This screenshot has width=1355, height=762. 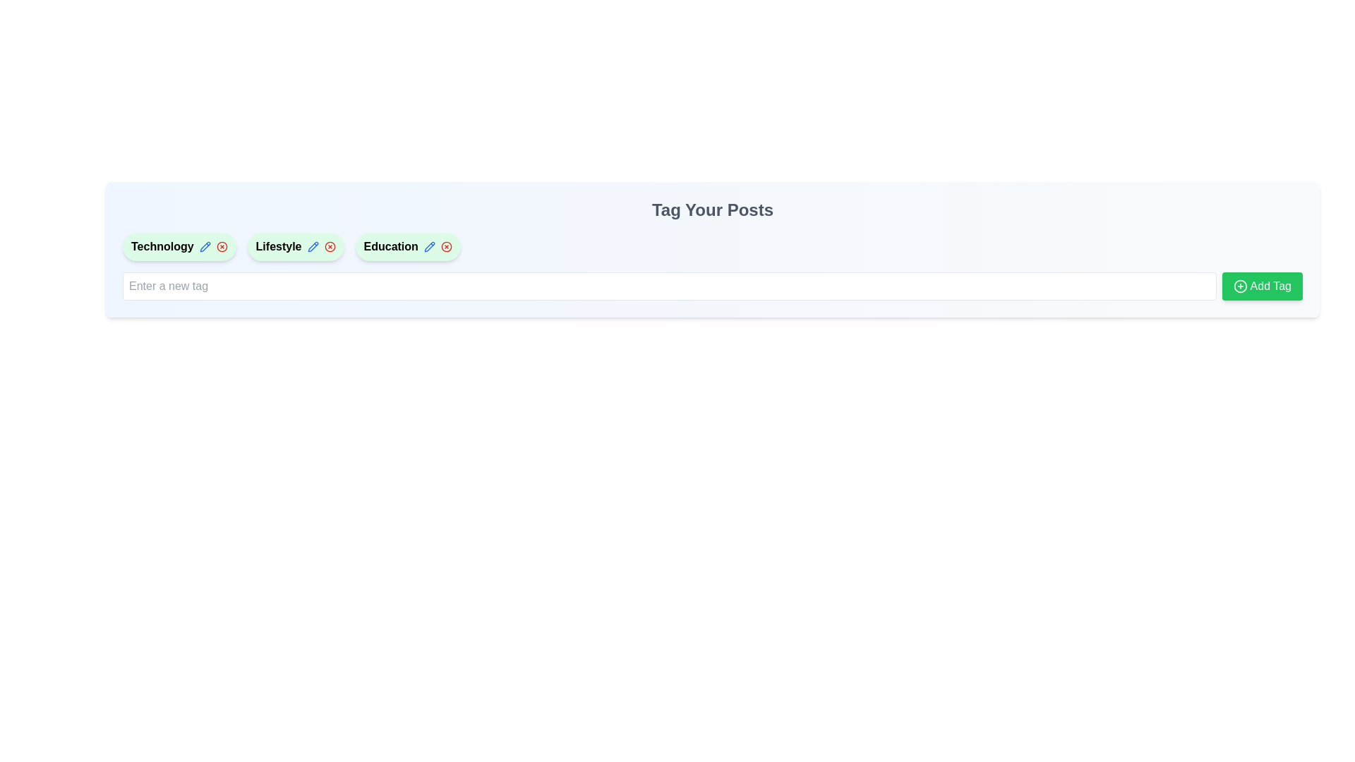 What do you see at coordinates (1239, 286) in the screenshot?
I see `the circular plus symbol icon with a green background inside the 'Add Tag' button located in the bottom-right area of the interface` at bounding box center [1239, 286].